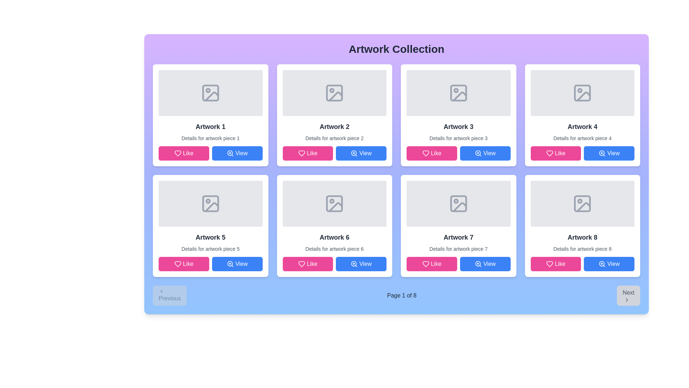  I want to click on the stylized placeholder image icon located in the top-left corner of the grid layout inside the 'Artwork 1' card, so click(210, 92).